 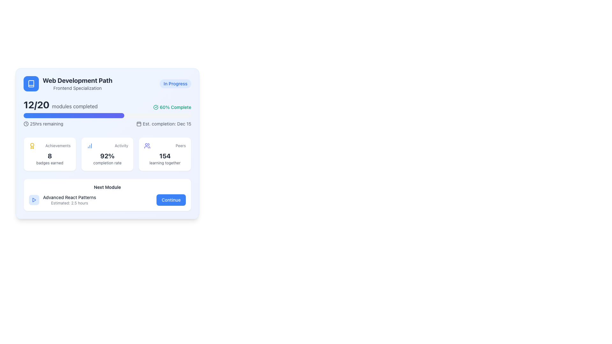 What do you see at coordinates (75, 106) in the screenshot?
I see `the static text label displaying 'modules completed', which is positioned immediately to the right of the progress fraction '12/20'` at bounding box center [75, 106].